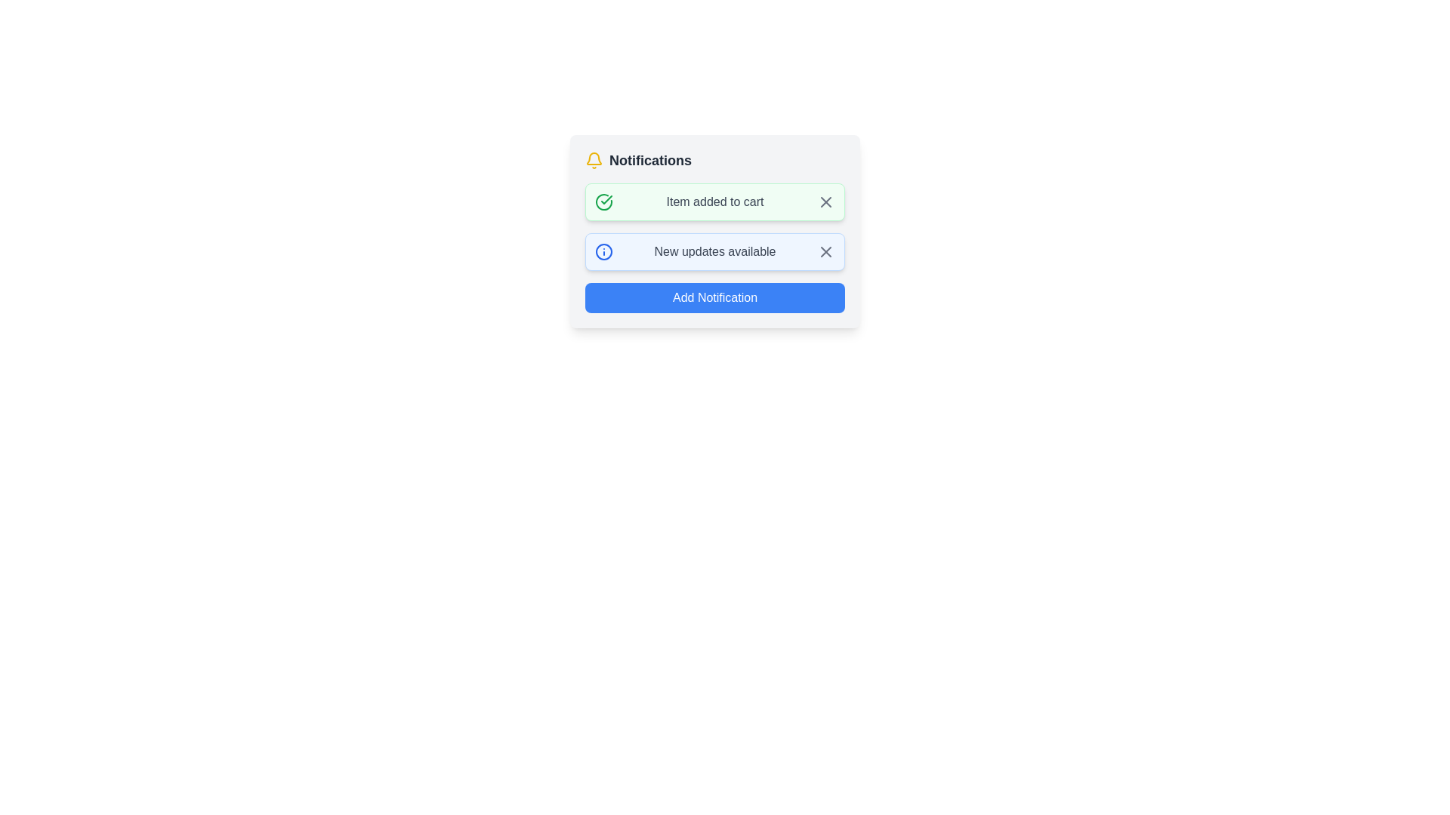  What do you see at coordinates (604, 201) in the screenshot?
I see `the green checkmark icon enclosed in a circular outline, which is located to the left of the 'Item added to cart' text in the first notification card` at bounding box center [604, 201].